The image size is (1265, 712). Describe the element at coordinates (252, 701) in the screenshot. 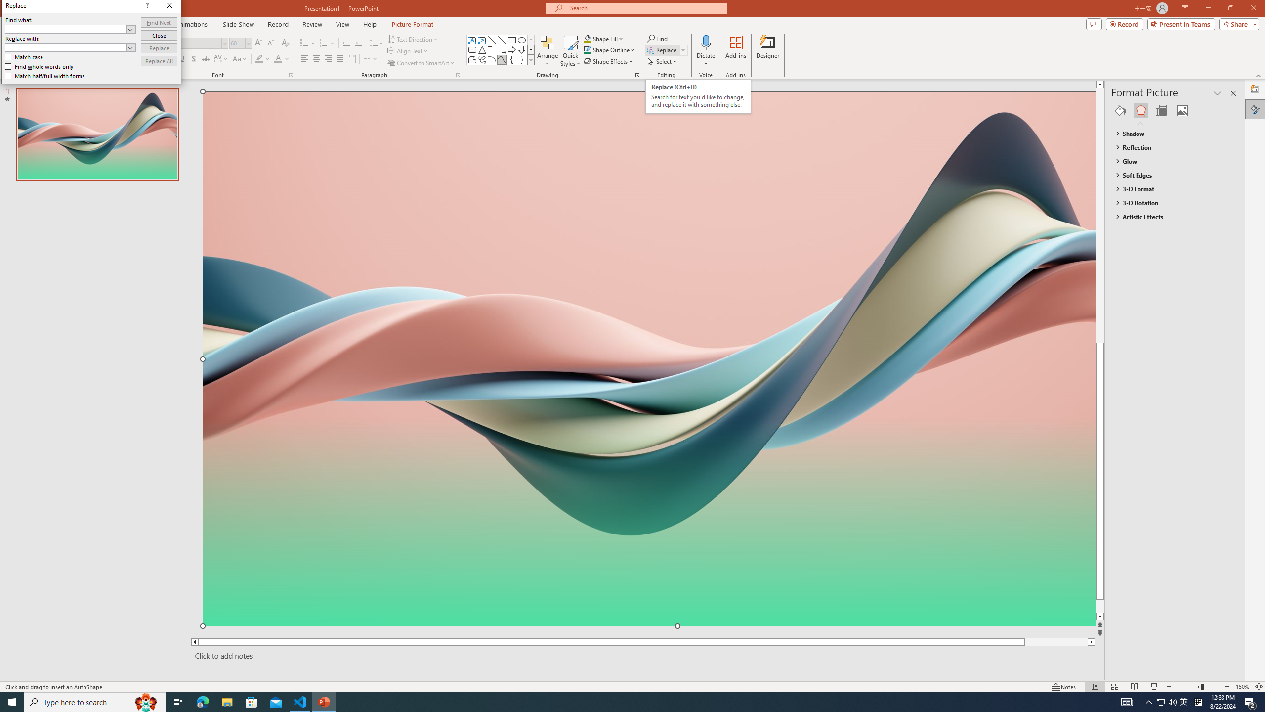

I see `'Microsoft Store'` at that location.